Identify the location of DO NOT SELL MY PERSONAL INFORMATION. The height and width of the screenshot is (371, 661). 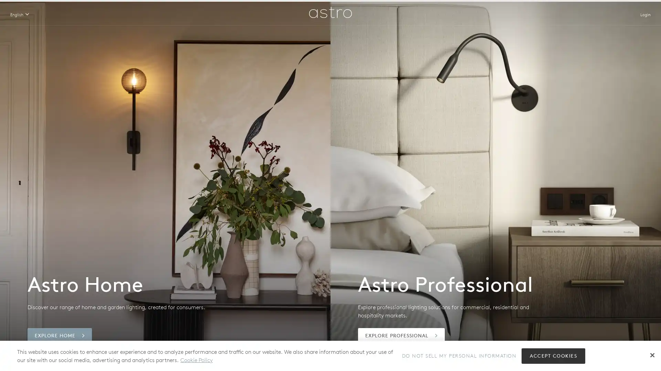
(459, 356).